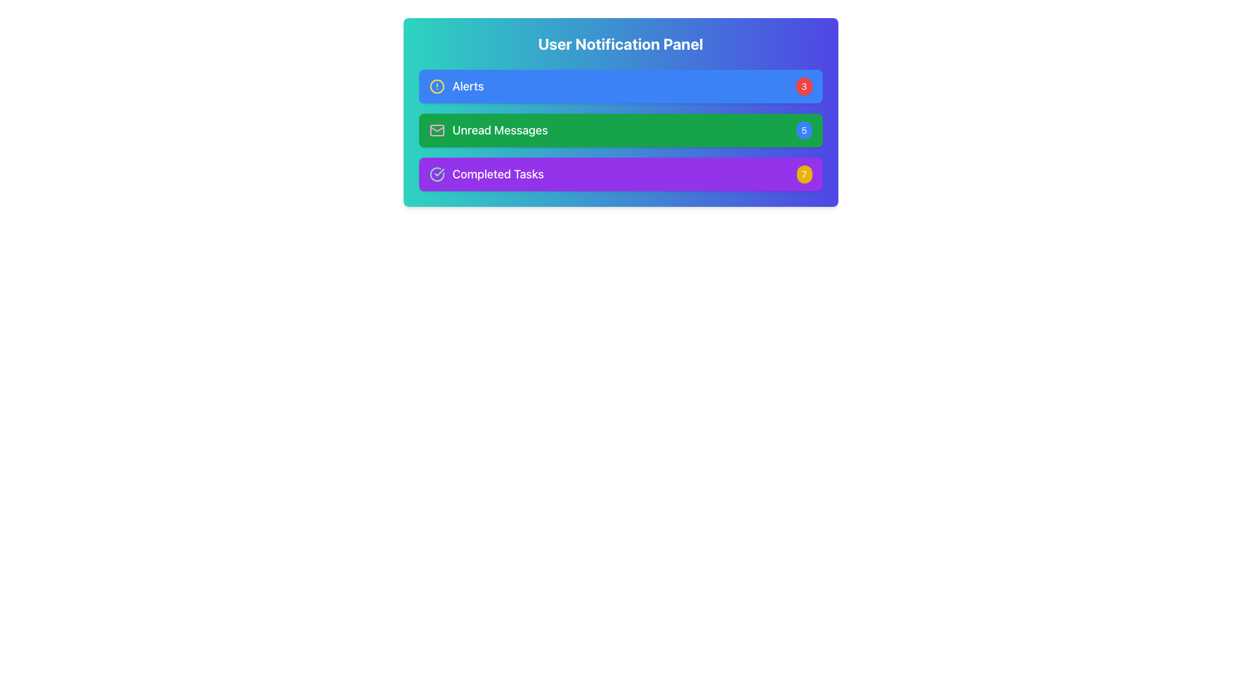 The width and height of the screenshot is (1242, 698). I want to click on the 'Alerts' text label located in the notification panel for navigation or further interaction, so click(467, 87).